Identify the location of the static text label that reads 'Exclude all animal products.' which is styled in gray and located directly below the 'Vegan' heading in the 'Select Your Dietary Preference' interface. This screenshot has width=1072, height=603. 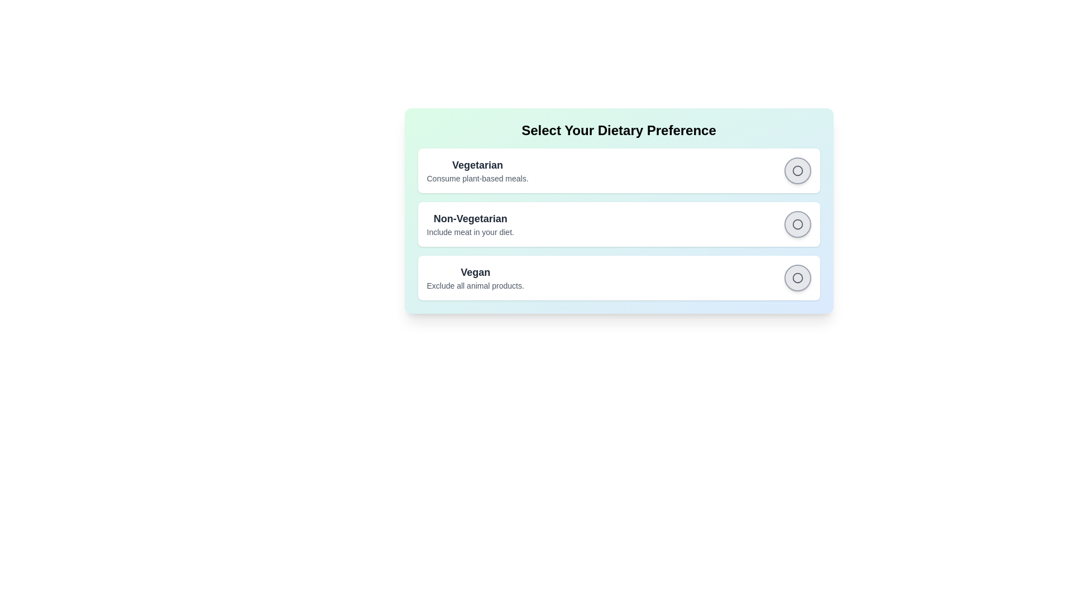
(475, 285).